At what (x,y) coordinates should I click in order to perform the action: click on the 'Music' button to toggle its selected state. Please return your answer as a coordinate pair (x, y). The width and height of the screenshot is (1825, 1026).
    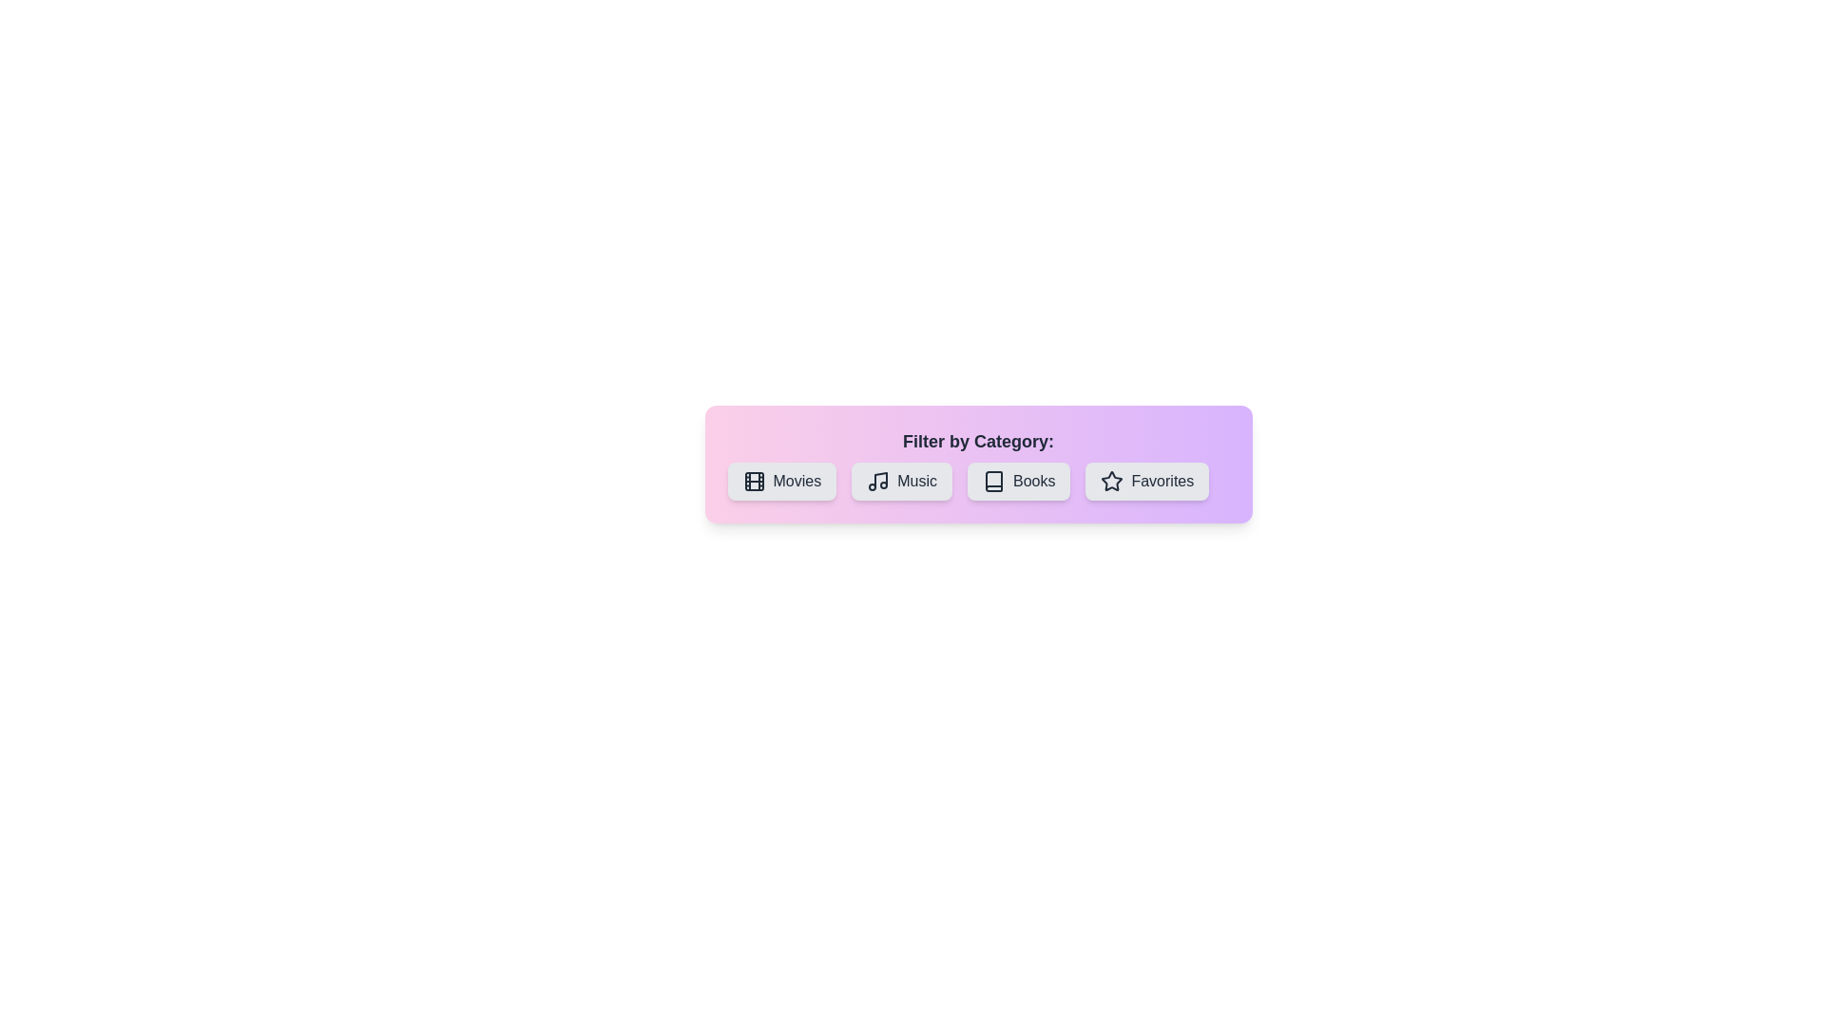
    Looking at the image, I should click on (901, 480).